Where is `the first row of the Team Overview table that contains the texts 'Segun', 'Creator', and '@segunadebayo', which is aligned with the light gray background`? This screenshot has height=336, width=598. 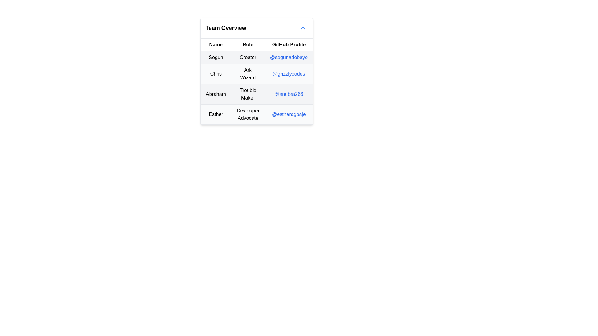 the first row of the Team Overview table that contains the texts 'Segun', 'Creator', and '@segunadebayo', which is aligned with the light gray background is located at coordinates (257, 58).